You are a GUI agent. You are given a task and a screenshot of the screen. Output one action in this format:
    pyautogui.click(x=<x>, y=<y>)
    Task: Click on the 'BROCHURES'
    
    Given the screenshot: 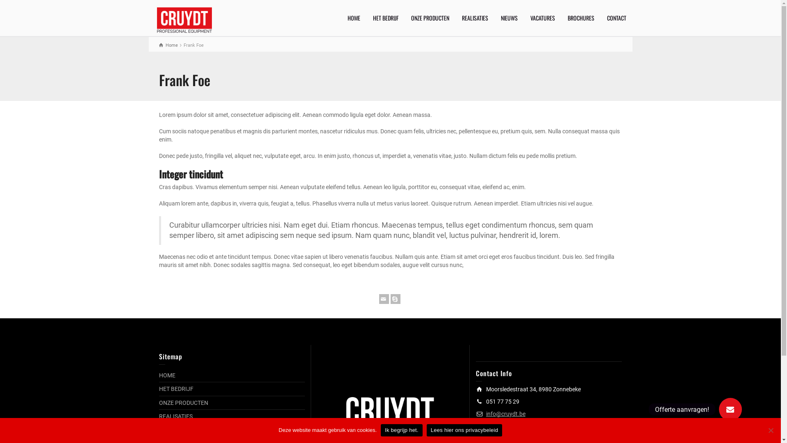 What is the action you would take?
    pyautogui.click(x=580, y=18)
    